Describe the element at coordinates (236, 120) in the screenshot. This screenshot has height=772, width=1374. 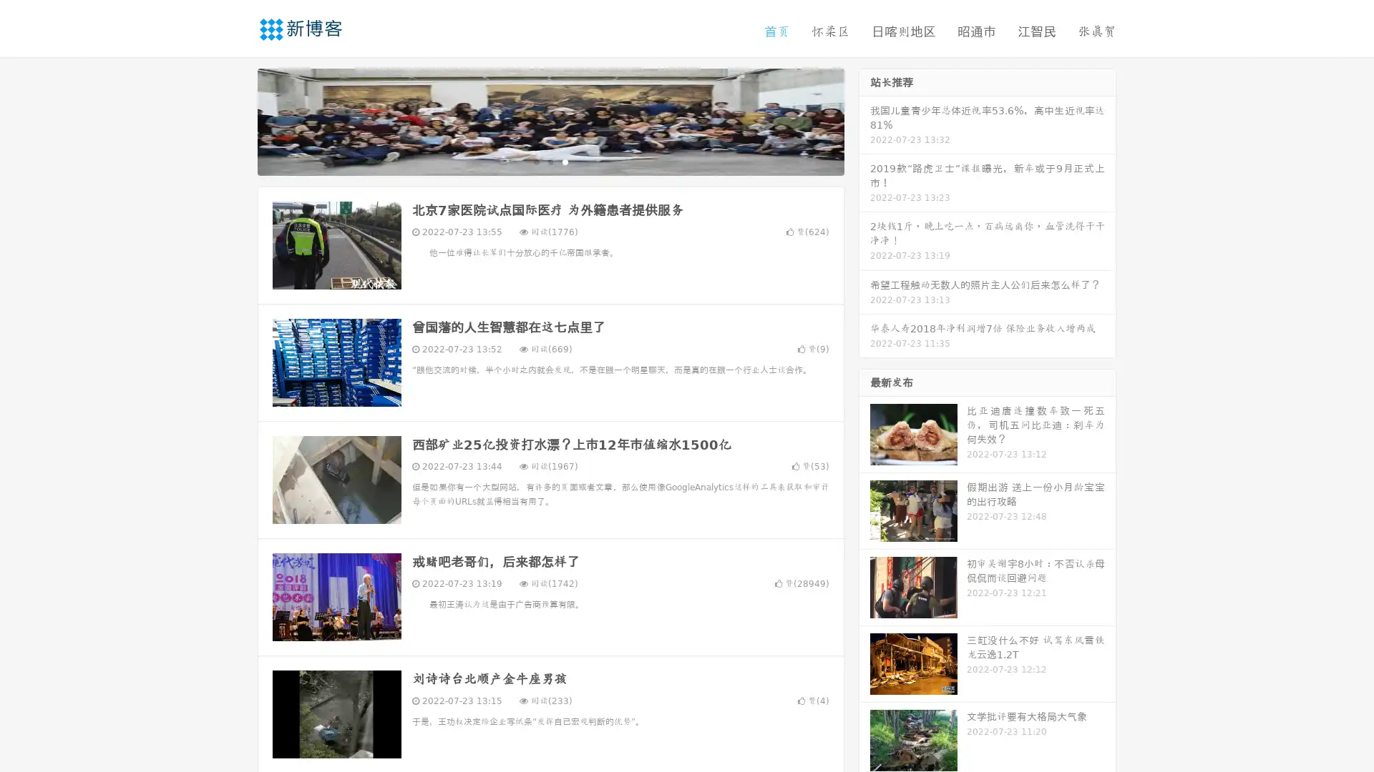
I see `Previous slide` at that location.